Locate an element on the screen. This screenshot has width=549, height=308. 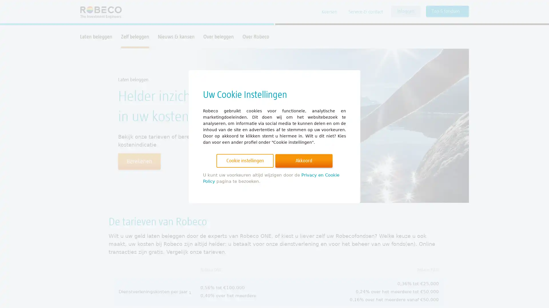
Service & contact is located at coordinates (365, 12).